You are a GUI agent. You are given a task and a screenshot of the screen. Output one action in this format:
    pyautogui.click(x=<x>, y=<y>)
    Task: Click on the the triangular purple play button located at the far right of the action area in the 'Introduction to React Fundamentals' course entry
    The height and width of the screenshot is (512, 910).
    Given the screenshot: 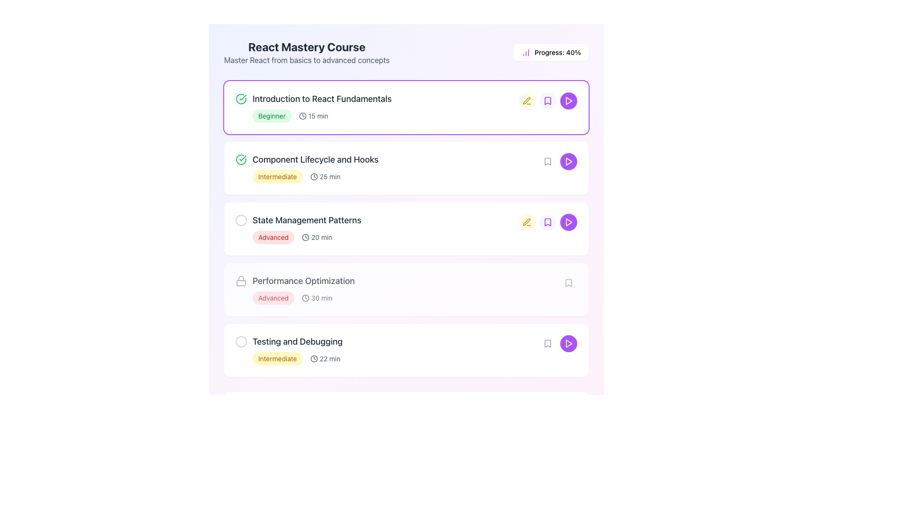 What is the action you would take?
    pyautogui.click(x=569, y=101)
    